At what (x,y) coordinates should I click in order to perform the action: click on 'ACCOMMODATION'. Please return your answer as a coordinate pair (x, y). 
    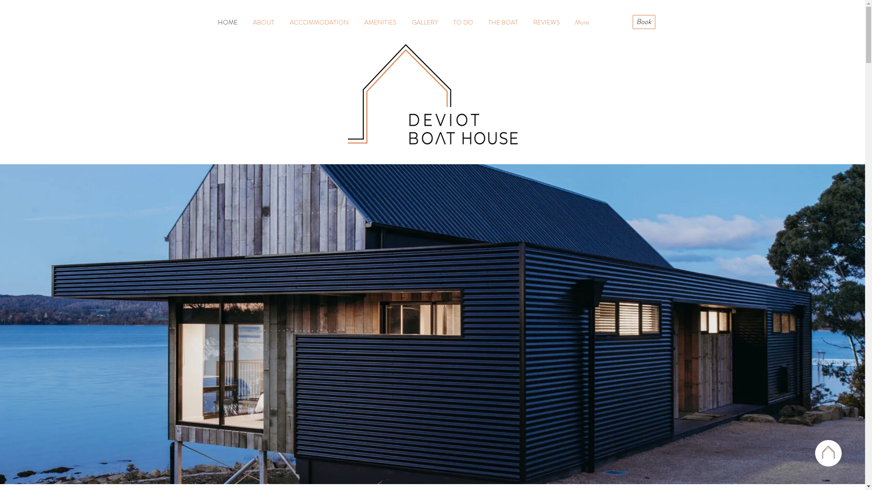
    Looking at the image, I should click on (281, 22).